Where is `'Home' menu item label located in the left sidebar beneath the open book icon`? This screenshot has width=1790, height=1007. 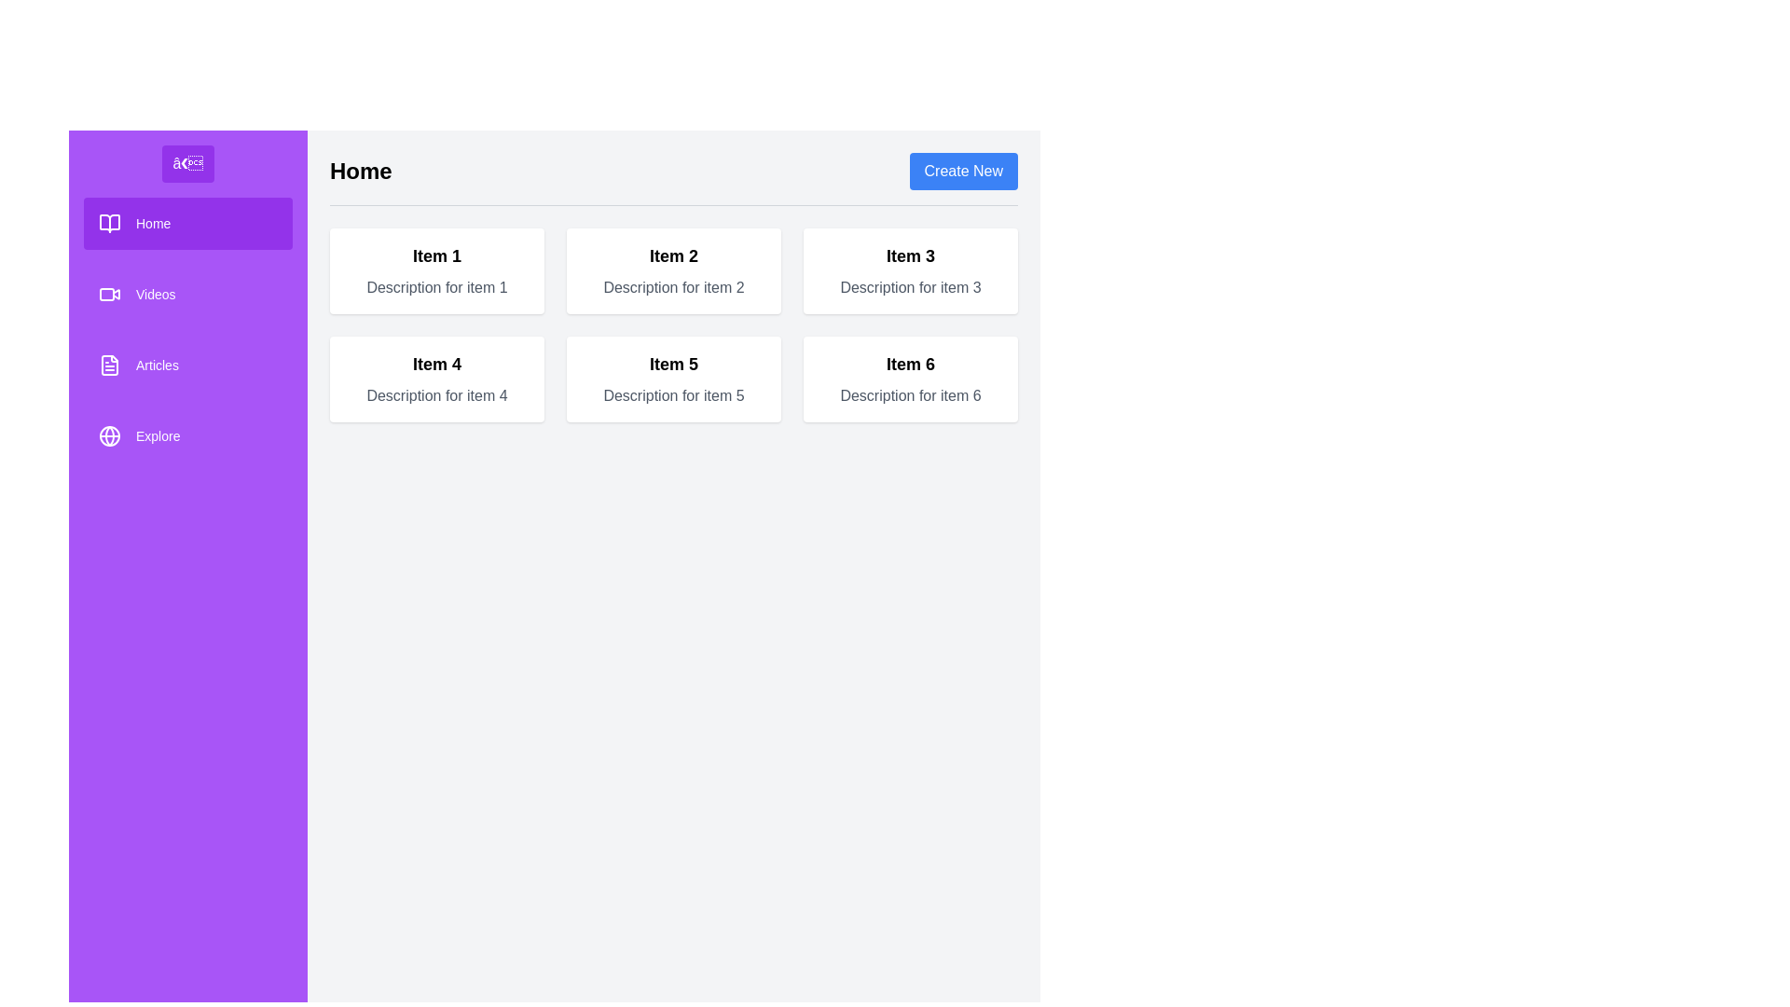 'Home' menu item label located in the left sidebar beneath the open book icon is located at coordinates (153, 222).